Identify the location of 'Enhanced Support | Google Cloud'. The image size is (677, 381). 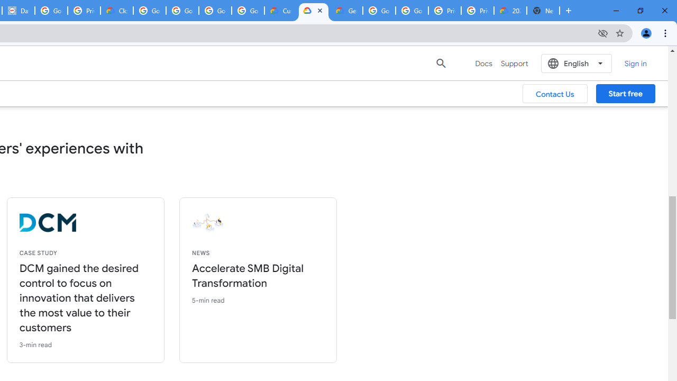
(313, 11).